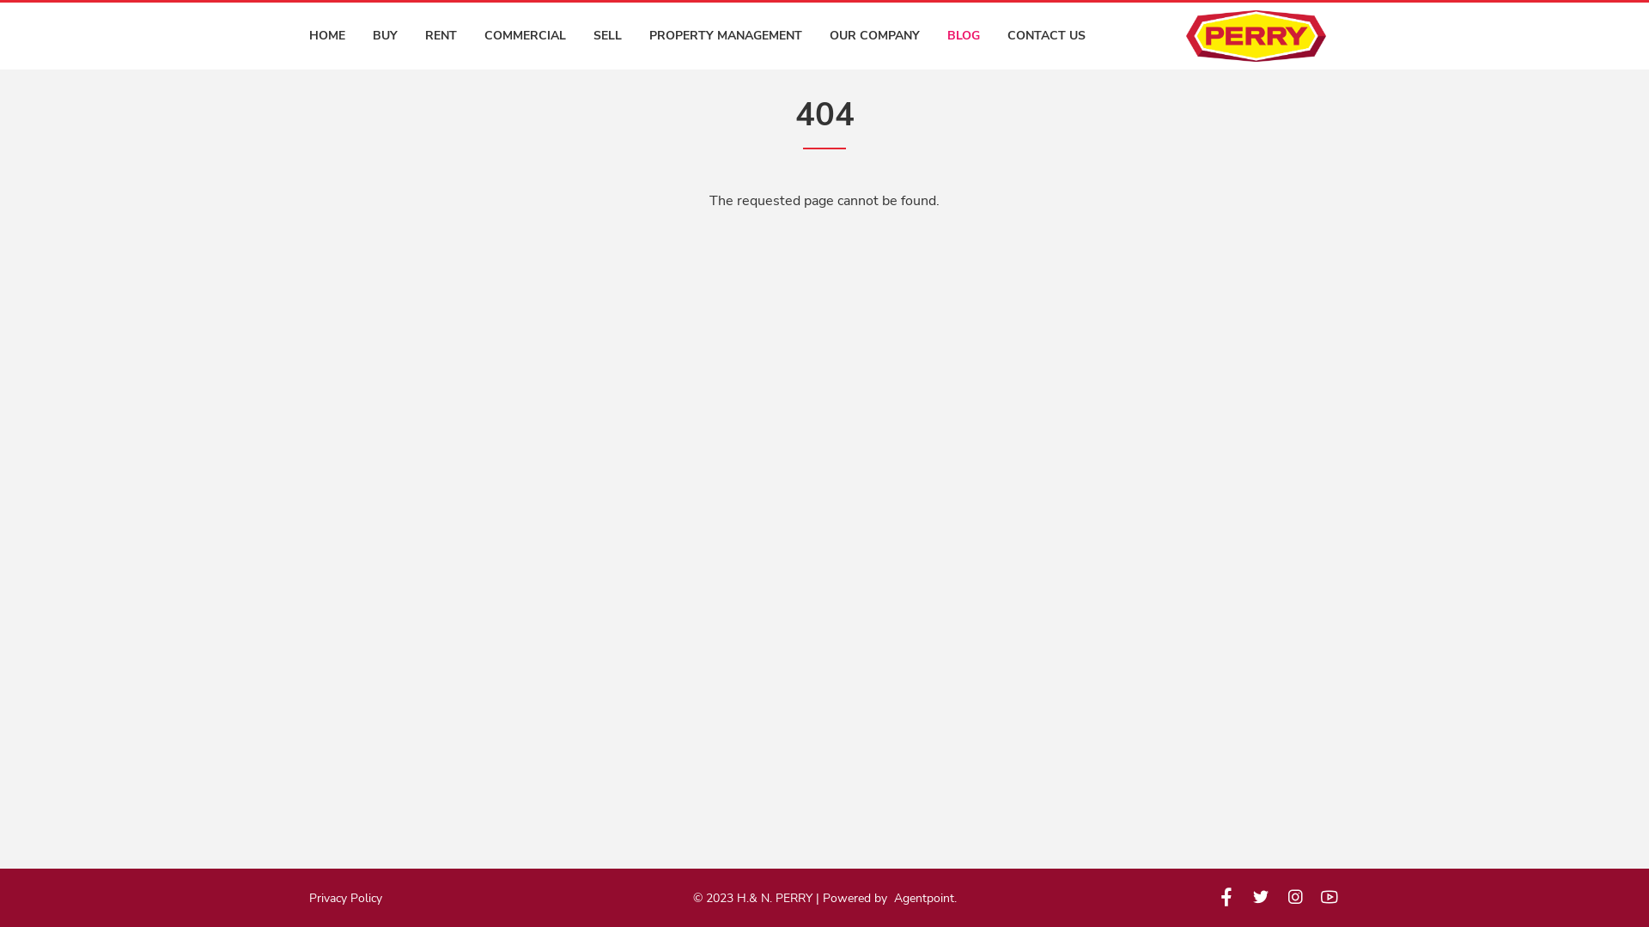 The width and height of the screenshot is (1649, 927). I want to click on 'PROPERTY MANAGEMENT', so click(725, 36).